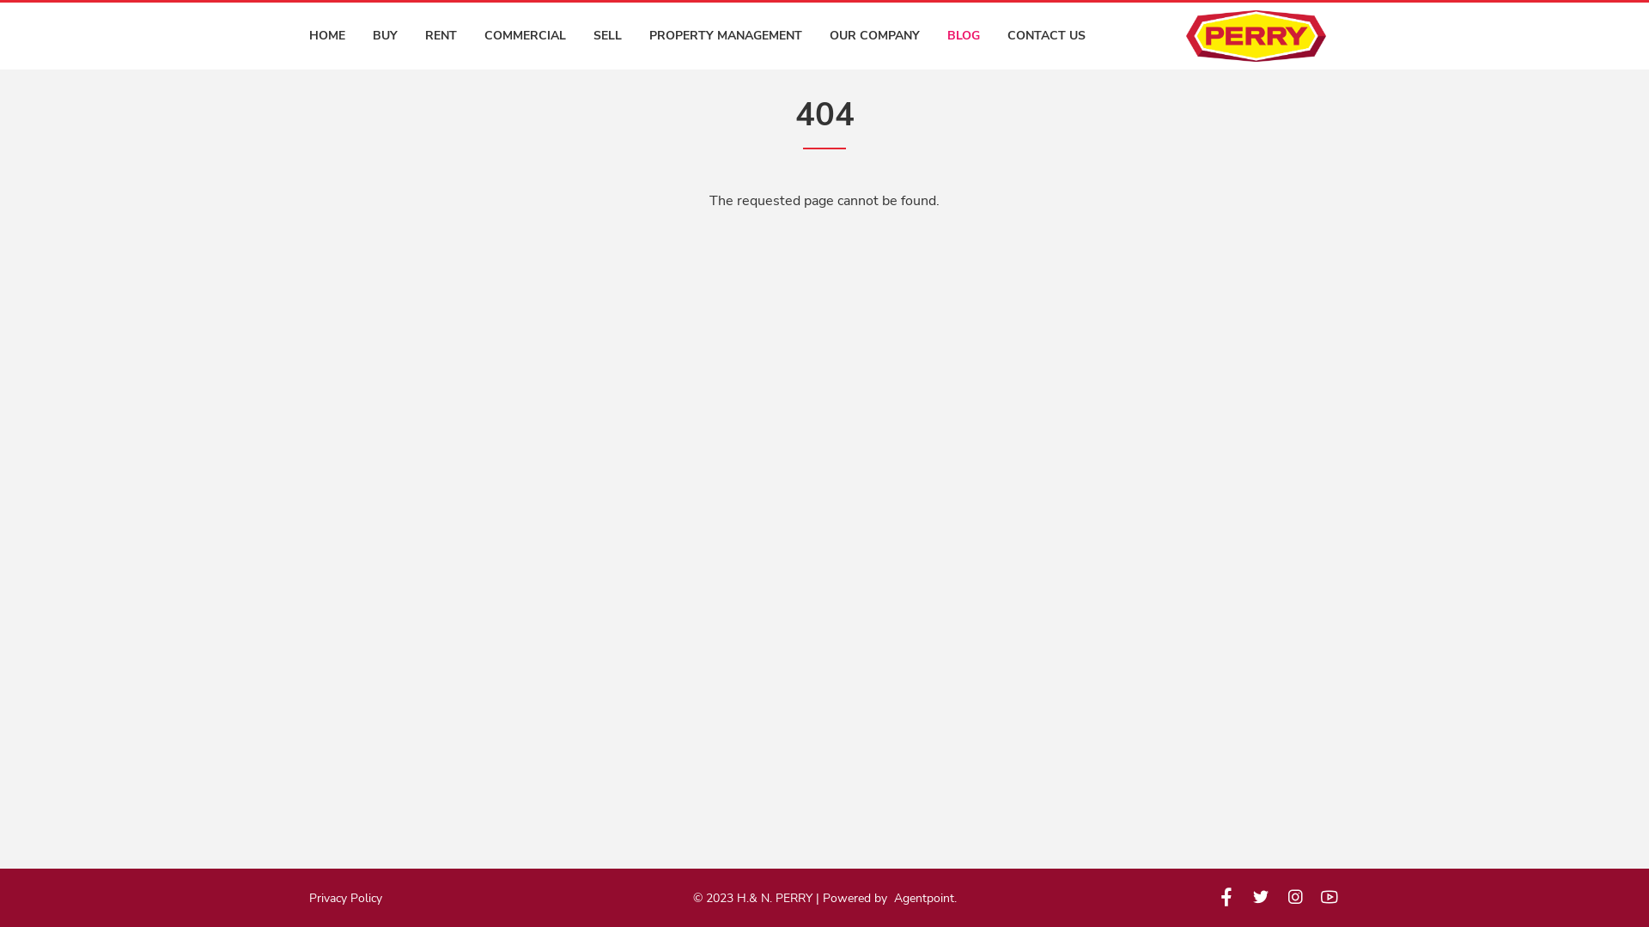 The width and height of the screenshot is (1649, 927). I want to click on 'PROPERTY MANAGEMENT', so click(725, 36).